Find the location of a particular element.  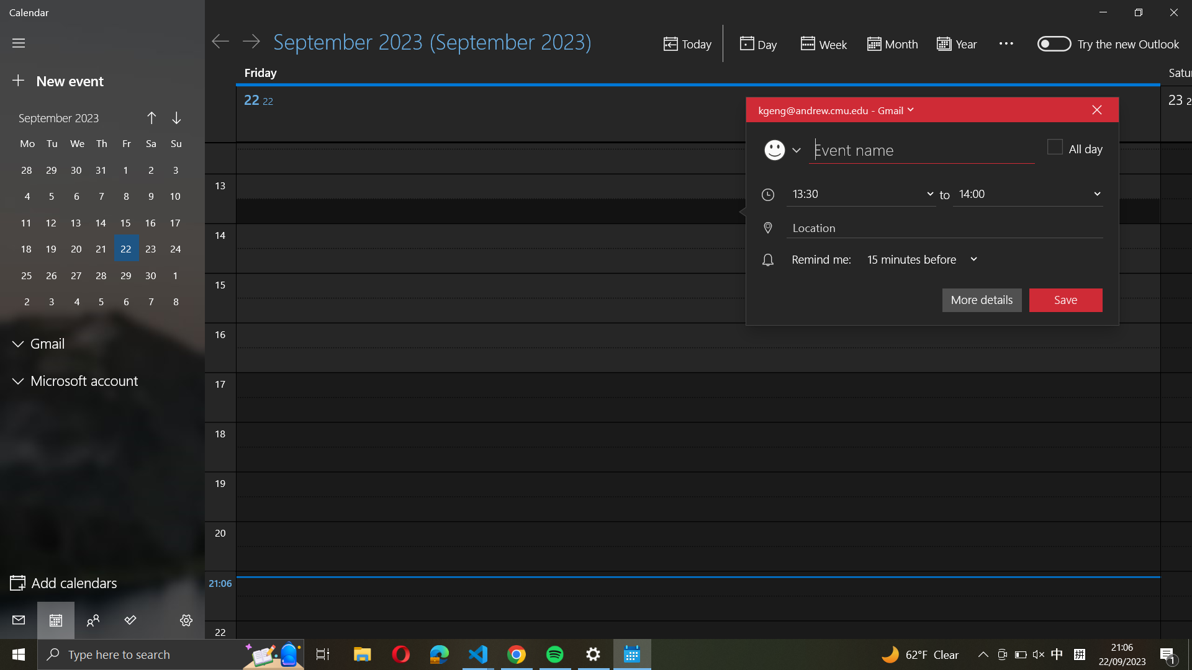

Shift to the last month on the calendar is located at coordinates (151, 119).